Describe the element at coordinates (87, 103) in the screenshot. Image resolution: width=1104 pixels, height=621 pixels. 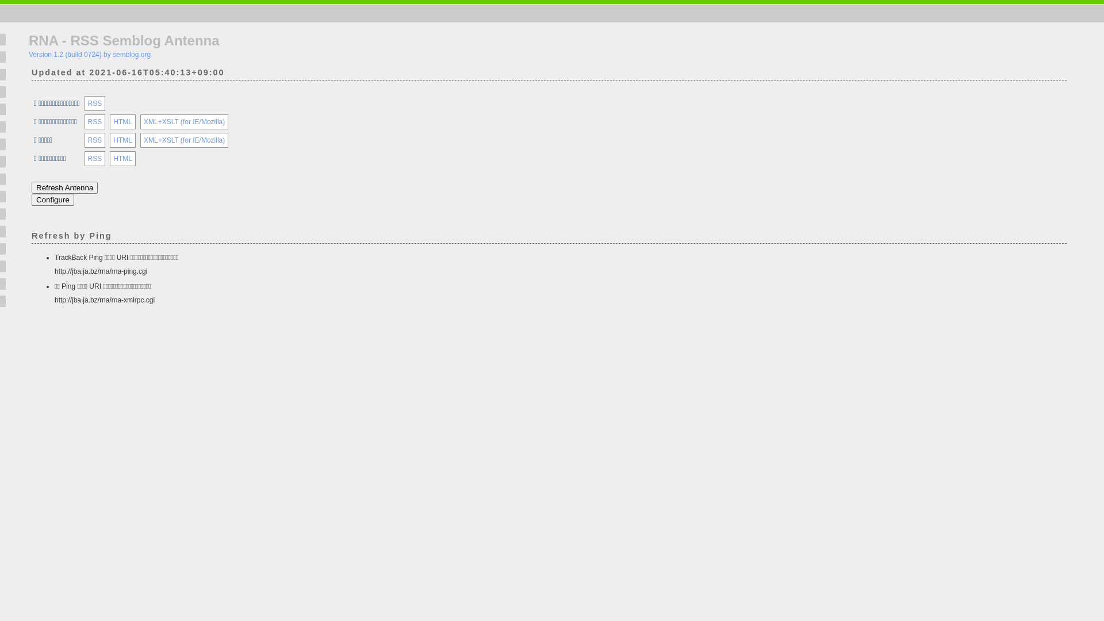
I see `'RSS'` at that location.